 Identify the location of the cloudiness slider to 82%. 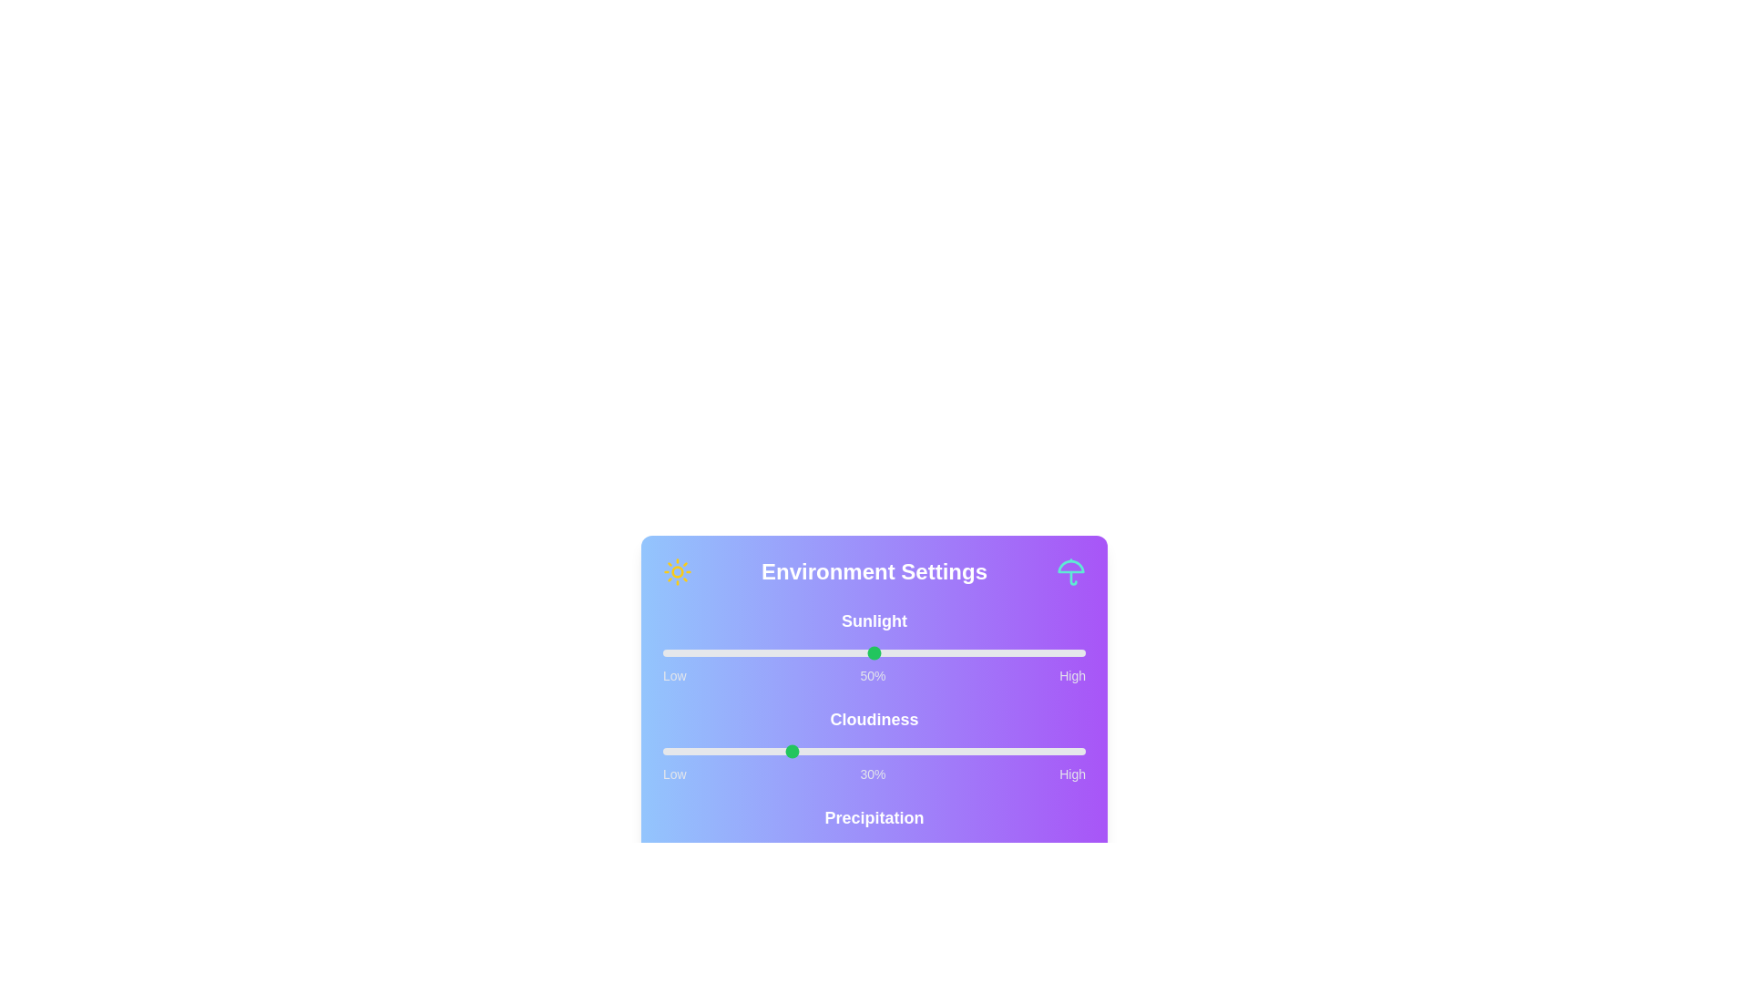
(1008, 752).